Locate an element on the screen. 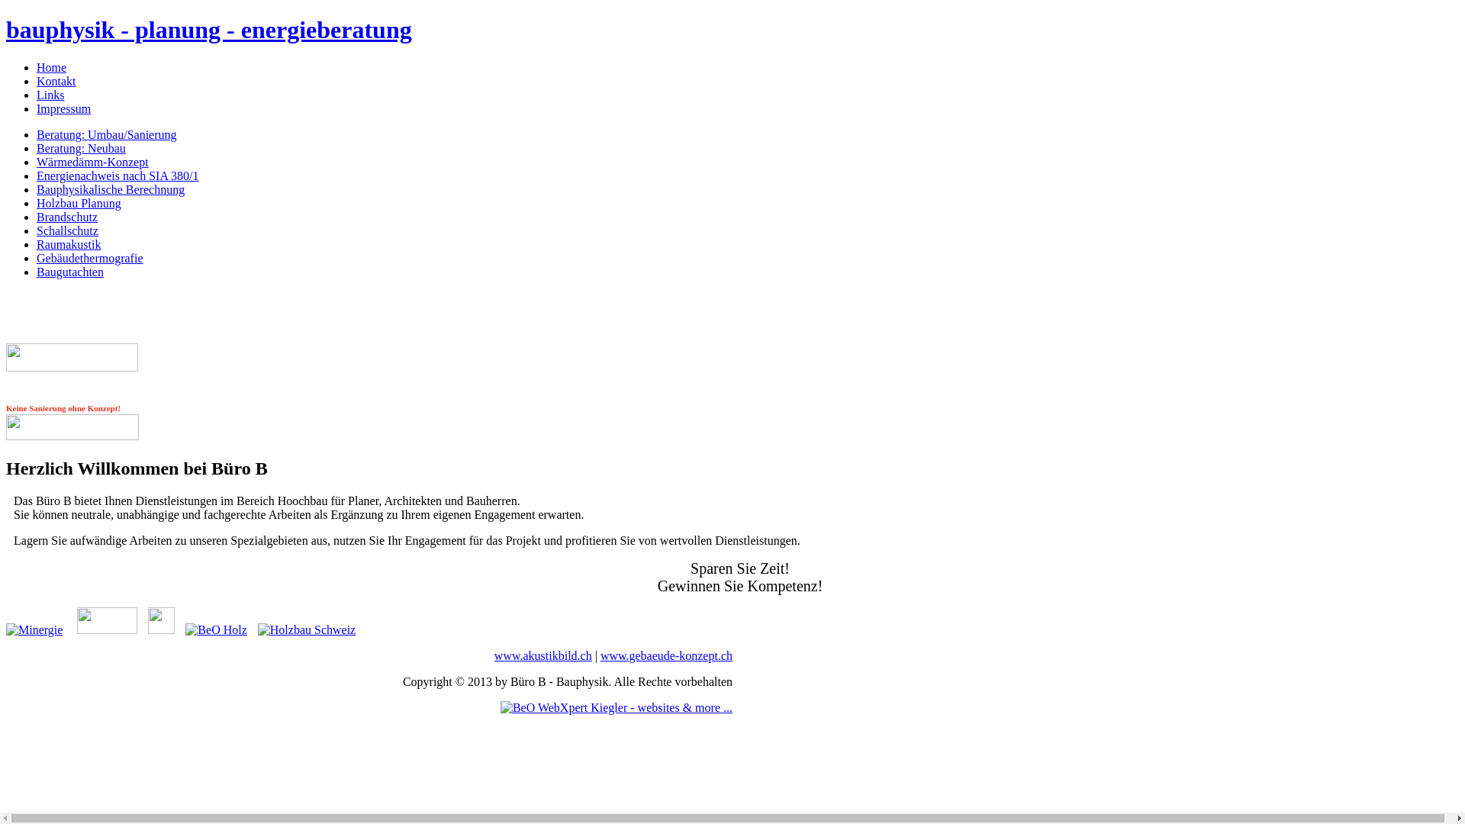 Image resolution: width=1465 pixels, height=824 pixels. 'Holzbau Planung' is located at coordinates (78, 202).